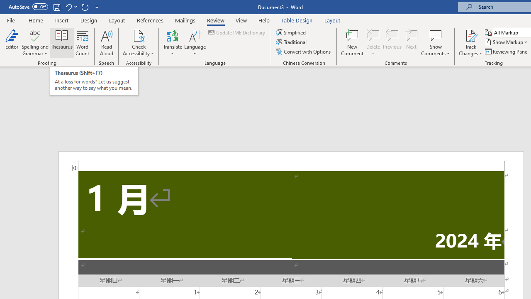 The image size is (531, 299). Describe the element at coordinates (85, 7) in the screenshot. I see `'Repeat Doc Close'` at that location.